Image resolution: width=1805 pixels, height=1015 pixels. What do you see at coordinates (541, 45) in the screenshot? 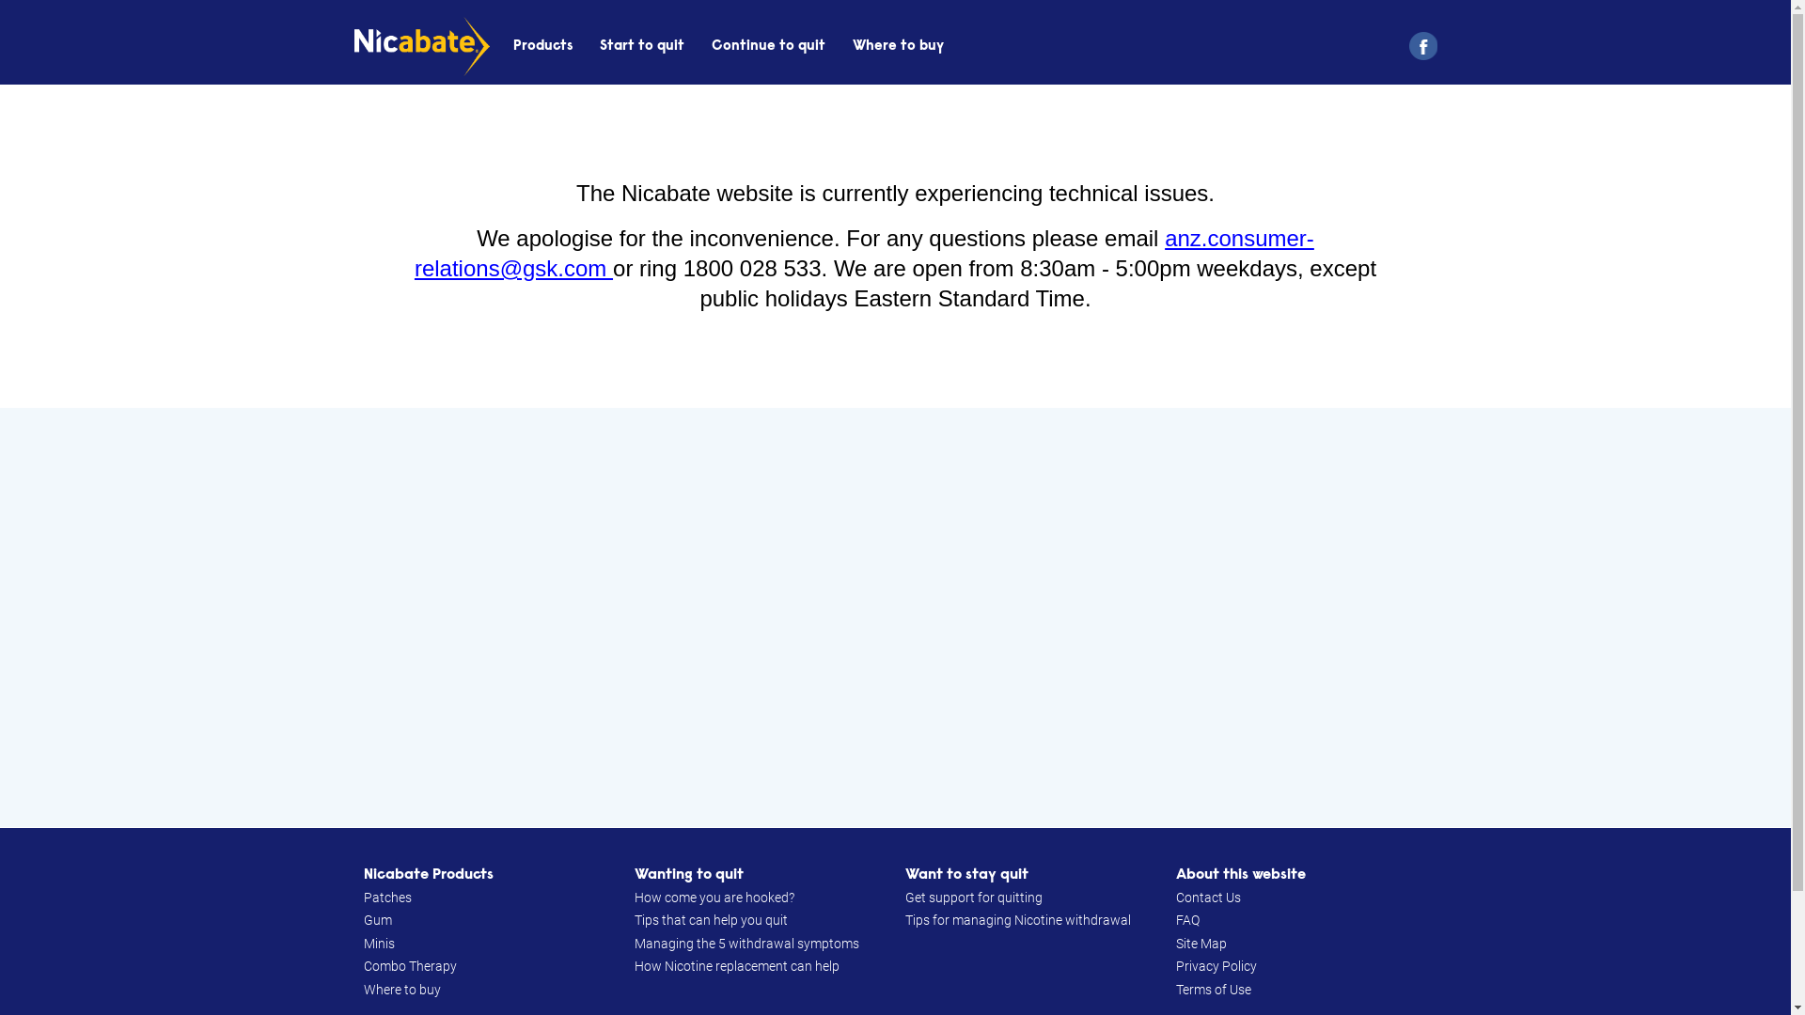
I see `'products'` at bounding box center [541, 45].